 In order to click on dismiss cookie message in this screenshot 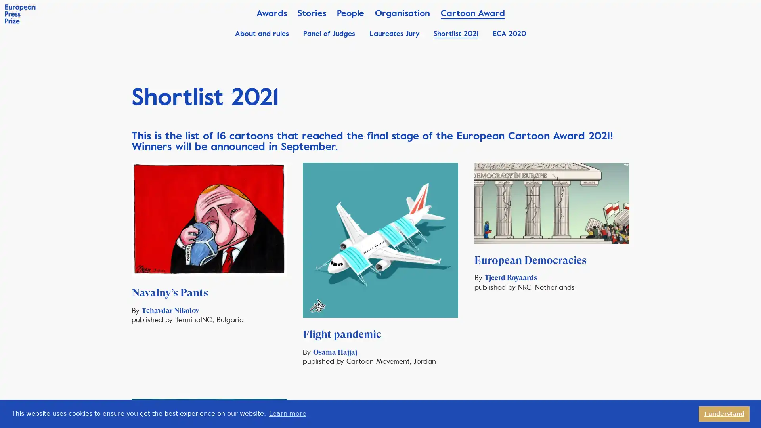, I will do `click(724, 413)`.